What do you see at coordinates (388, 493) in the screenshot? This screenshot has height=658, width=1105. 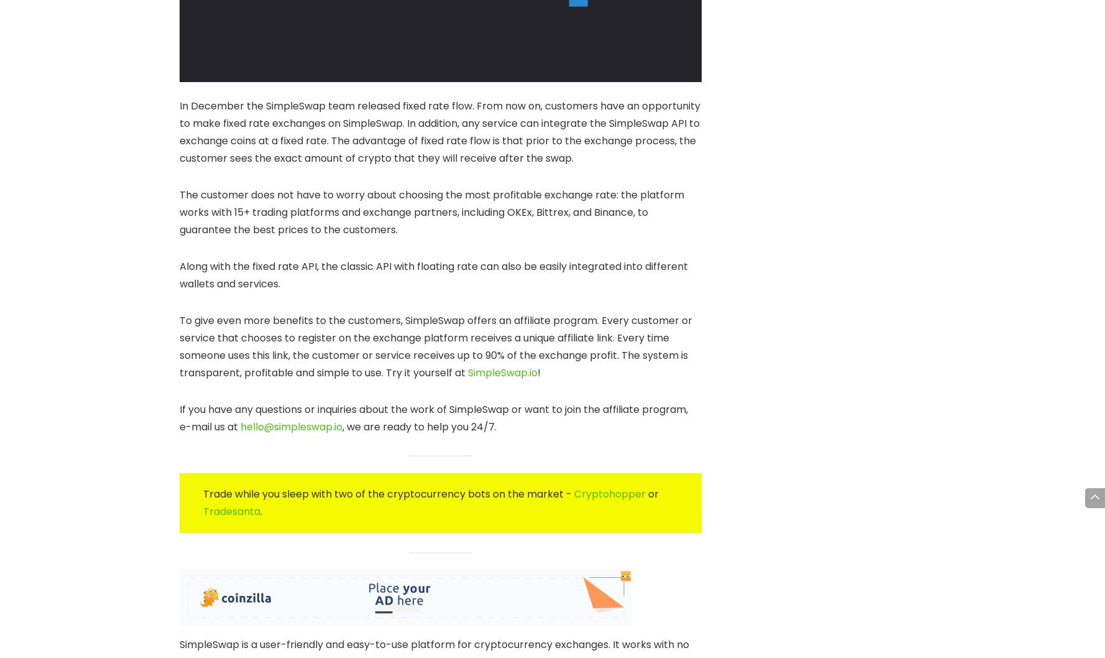 I see `'Trade while you sleep with two of the cryptocurrency bots on the market -'` at bounding box center [388, 493].